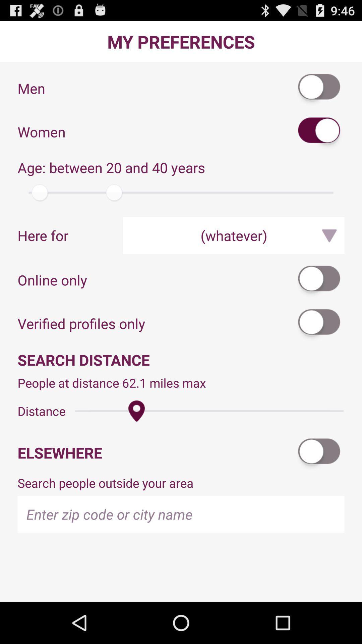 The height and width of the screenshot is (644, 362). What do you see at coordinates (319, 280) in the screenshot?
I see `the app to the right of online only item` at bounding box center [319, 280].